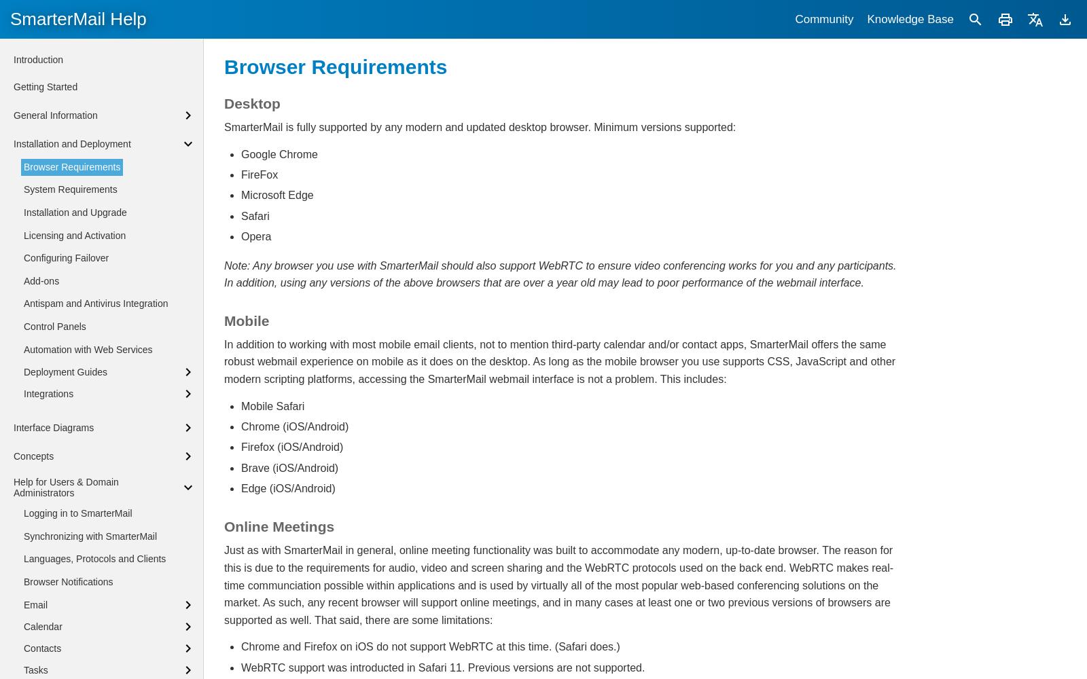  What do you see at coordinates (65, 487) in the screenshot?
I see `'Help for Users & Domain Administrators'` at bounding box center [65, 487].